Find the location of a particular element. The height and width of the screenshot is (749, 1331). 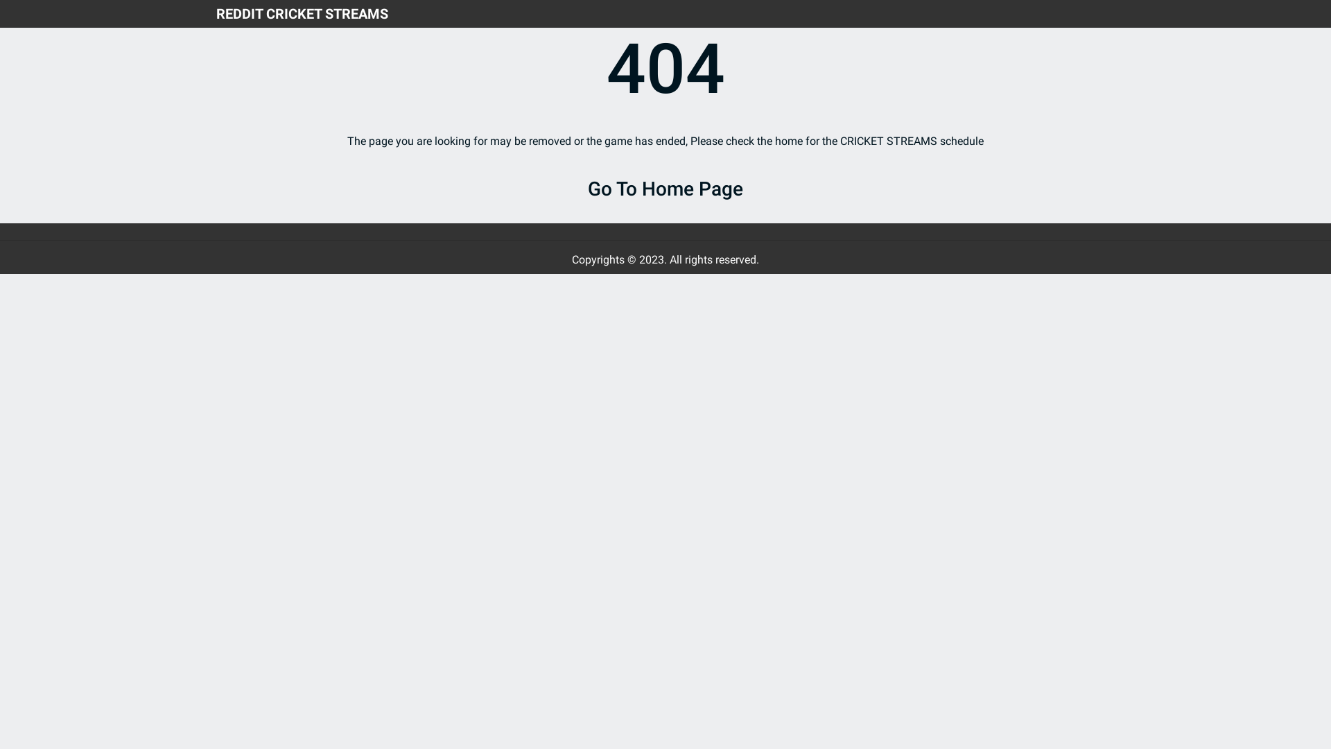

'REDDIT CRICKET STREAMS' is located at coordinates (302, 13).